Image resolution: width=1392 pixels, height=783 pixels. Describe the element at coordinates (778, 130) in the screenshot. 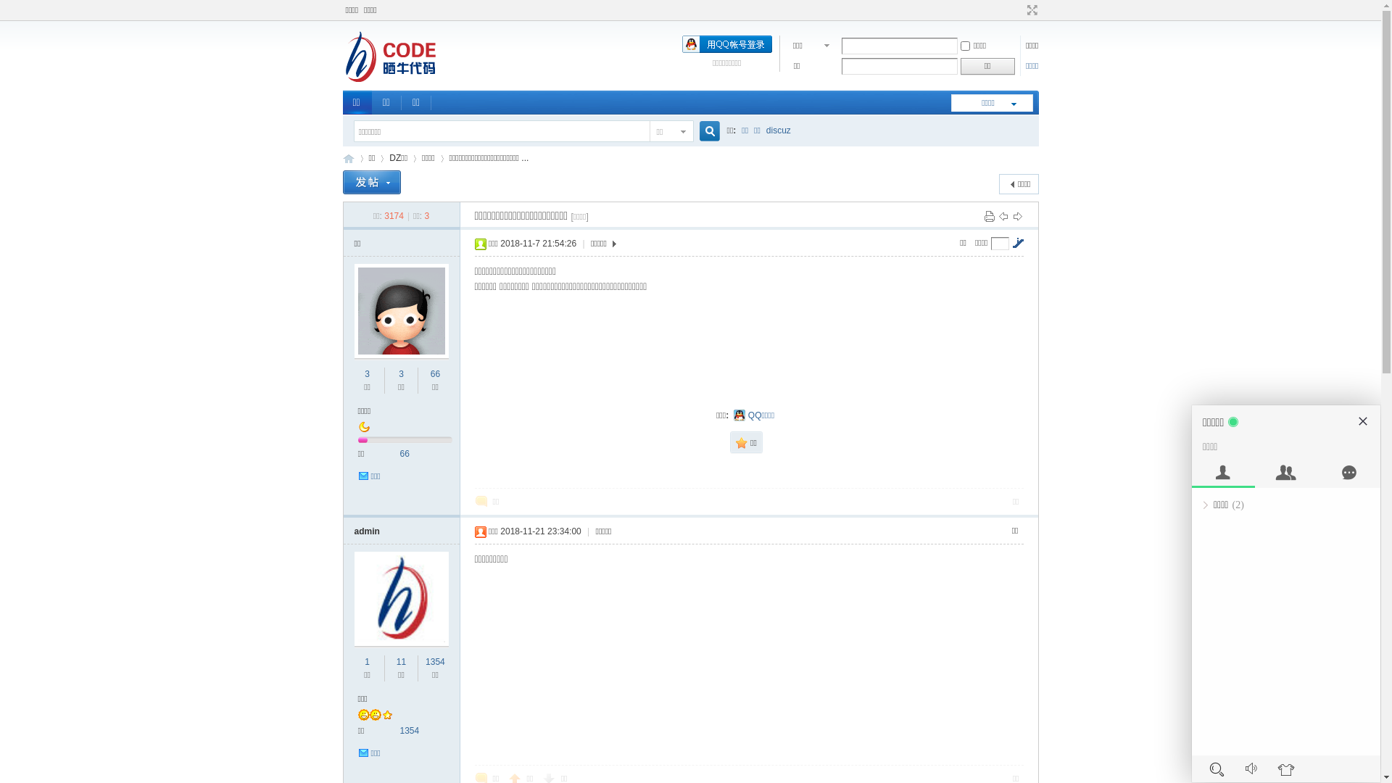

I see `'discuz'` at that location.